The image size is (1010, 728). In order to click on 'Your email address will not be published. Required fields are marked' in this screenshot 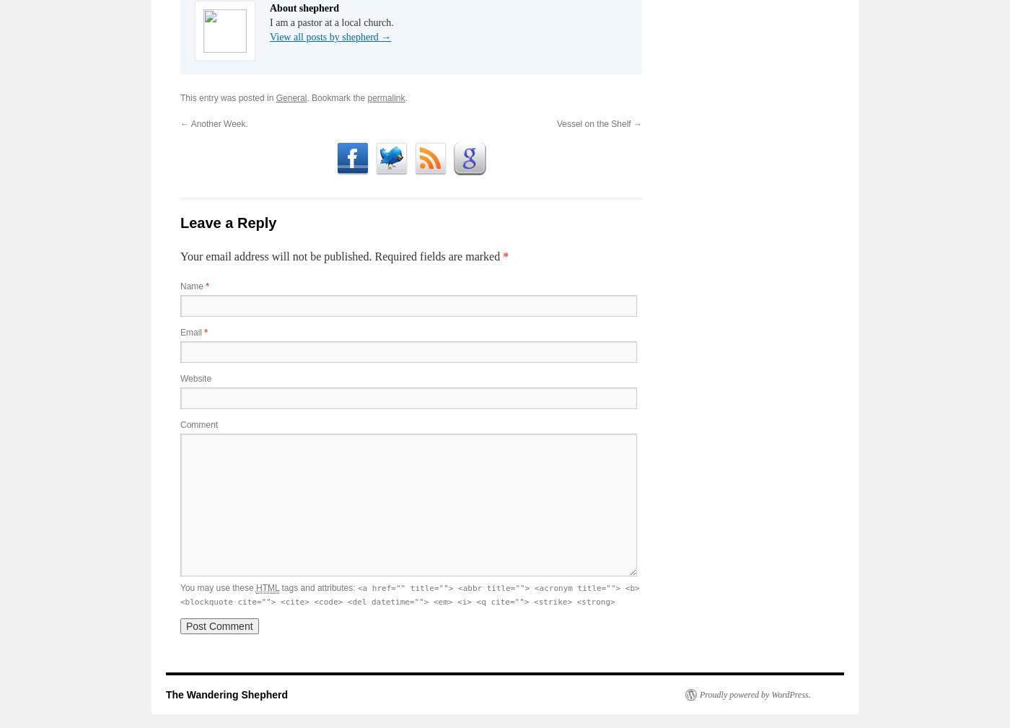, I will do `click(341, 255)`.